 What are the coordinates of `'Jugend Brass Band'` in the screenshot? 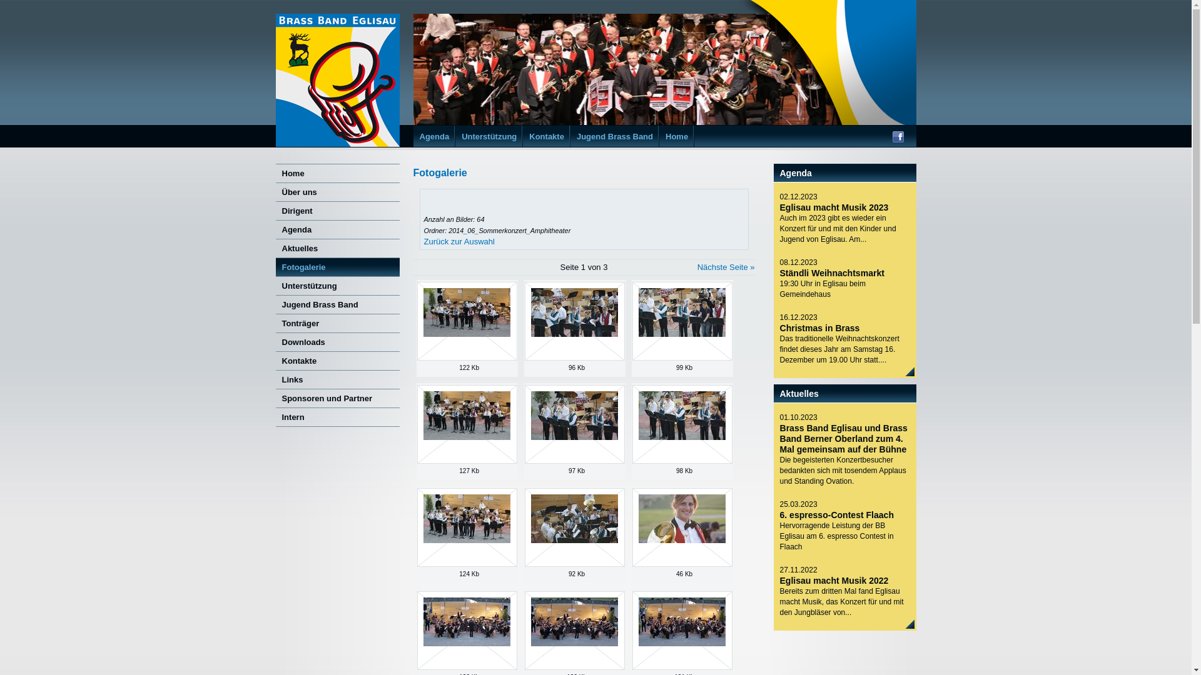 It's located at (575, 136).